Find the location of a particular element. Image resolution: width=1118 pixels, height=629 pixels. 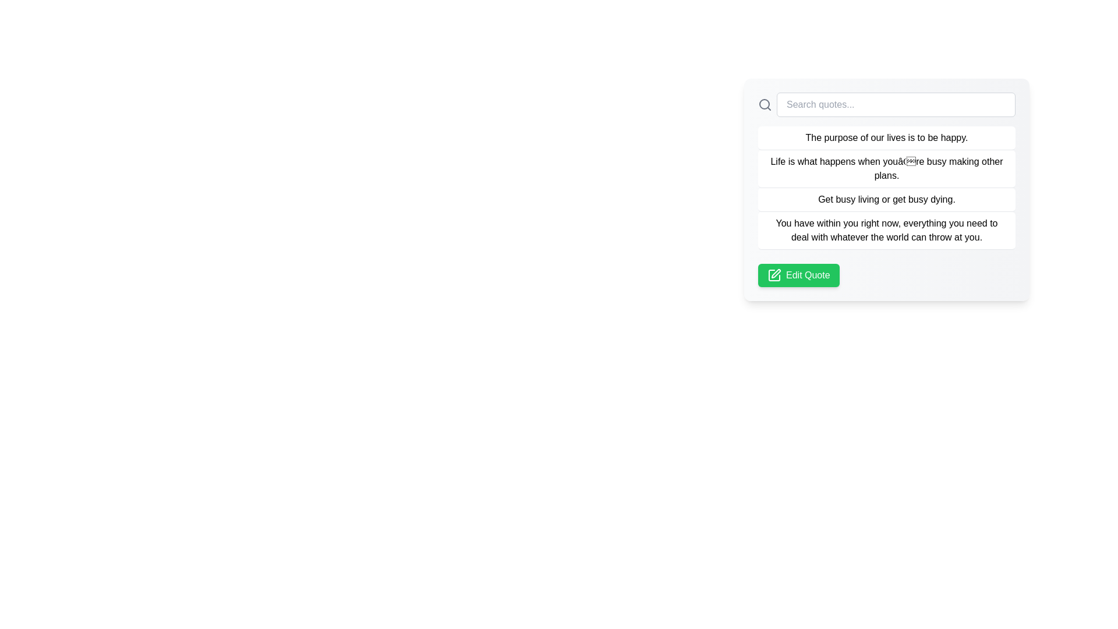

the informational text quote, which is the second item in the vertical list of quotes, by clicking on its center point is located at coordinates (886, 188).